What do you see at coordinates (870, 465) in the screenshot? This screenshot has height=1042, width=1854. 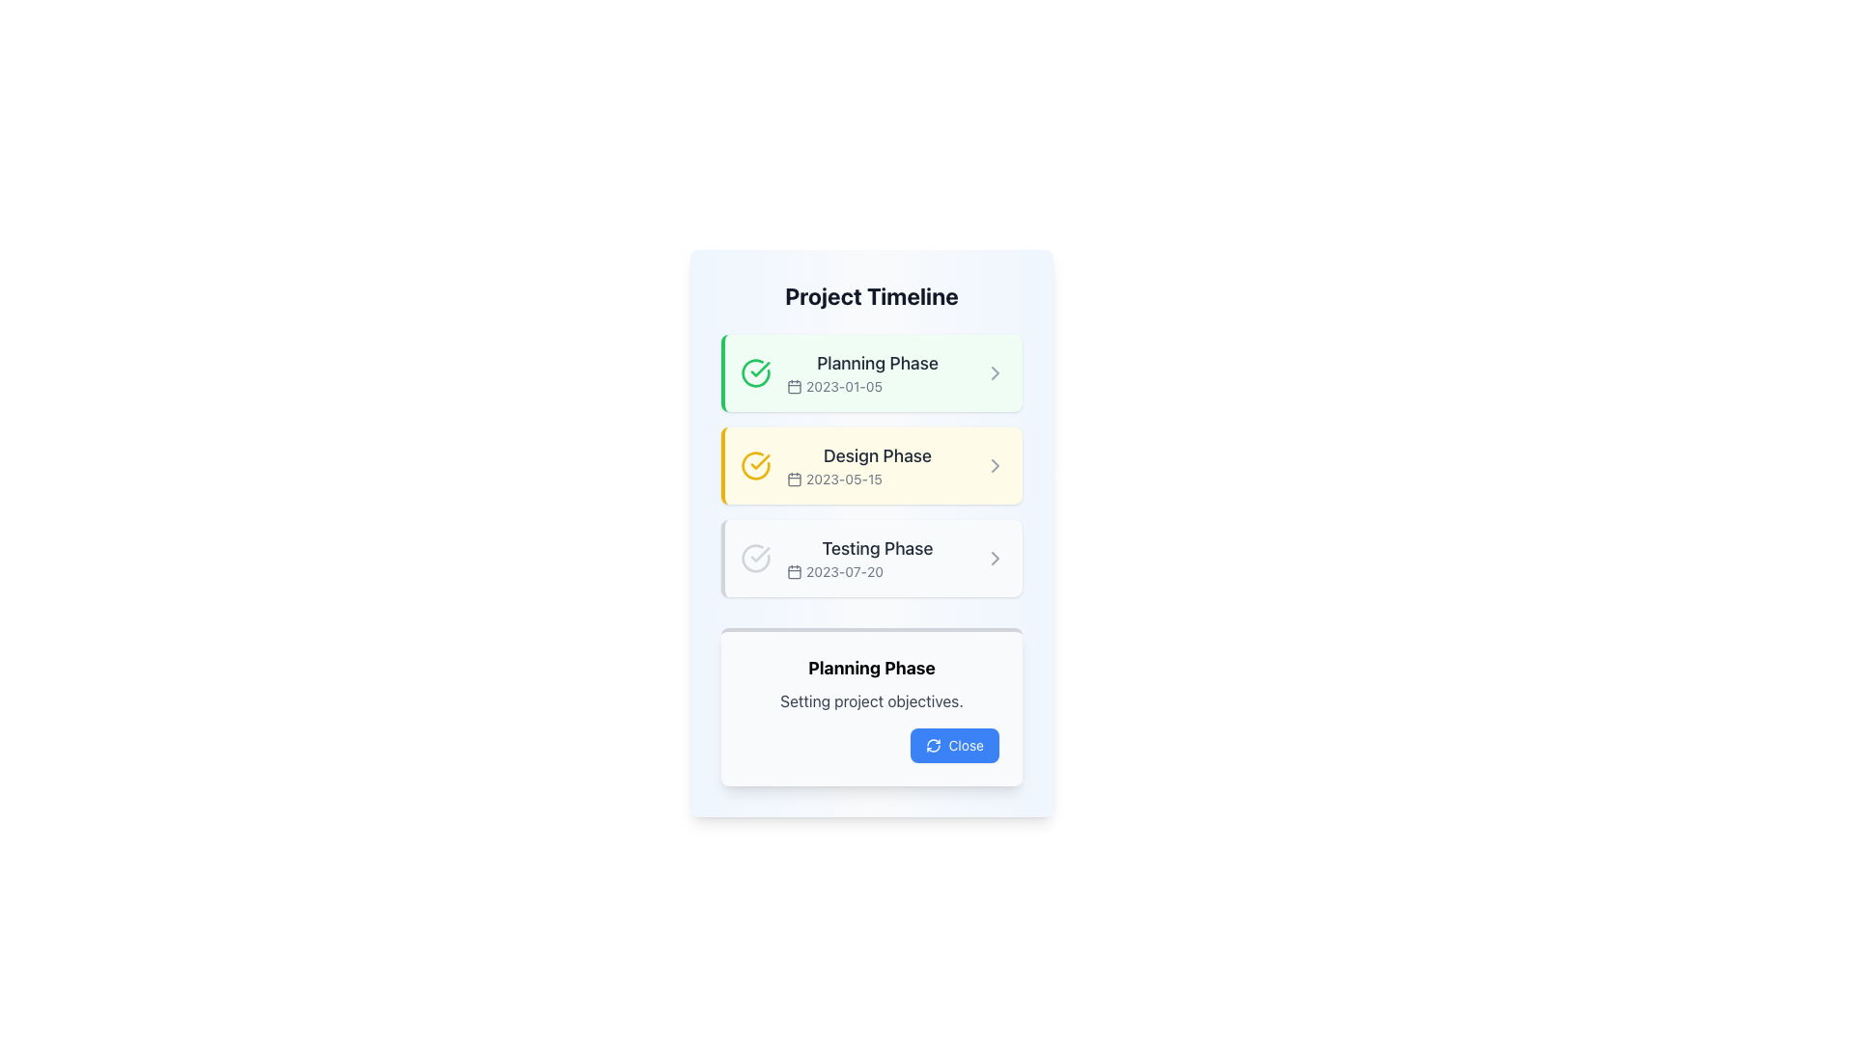 I see `the 'Design Phase' button, which is the second tile in the 'Project Timeline' section` at bounding box center [870, 465].